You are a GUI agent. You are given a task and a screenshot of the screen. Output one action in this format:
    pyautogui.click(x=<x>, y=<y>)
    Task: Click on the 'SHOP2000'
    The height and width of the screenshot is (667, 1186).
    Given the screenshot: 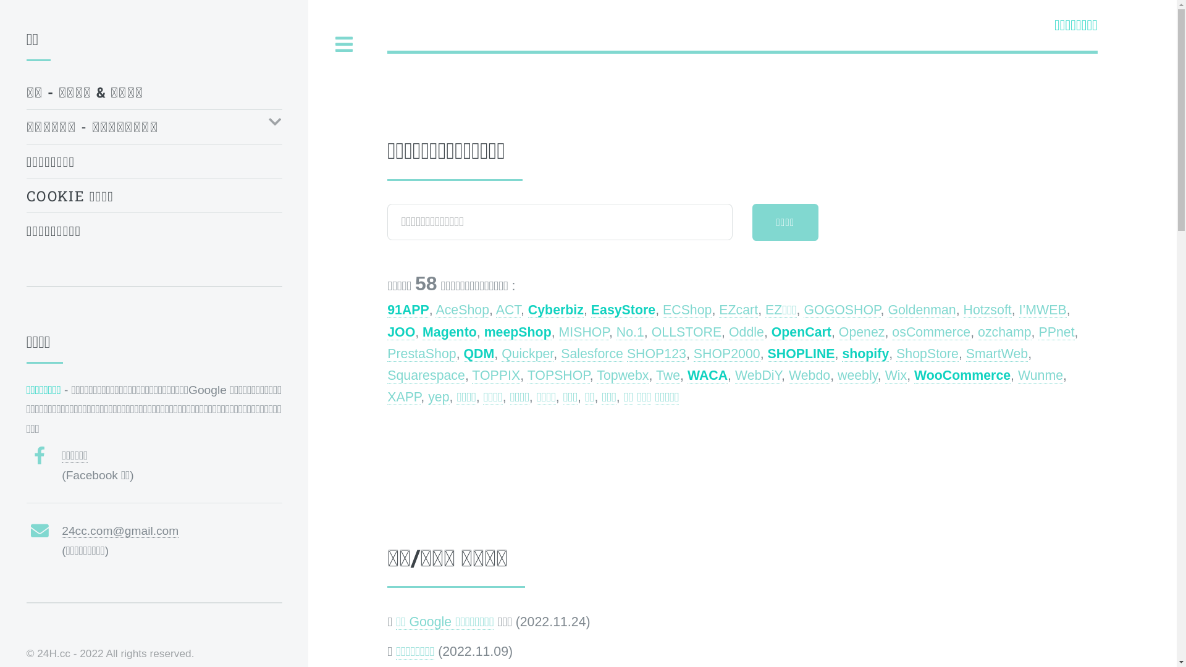 What is the action you would take?
    pyautogui.click(x=694, y=354)
    